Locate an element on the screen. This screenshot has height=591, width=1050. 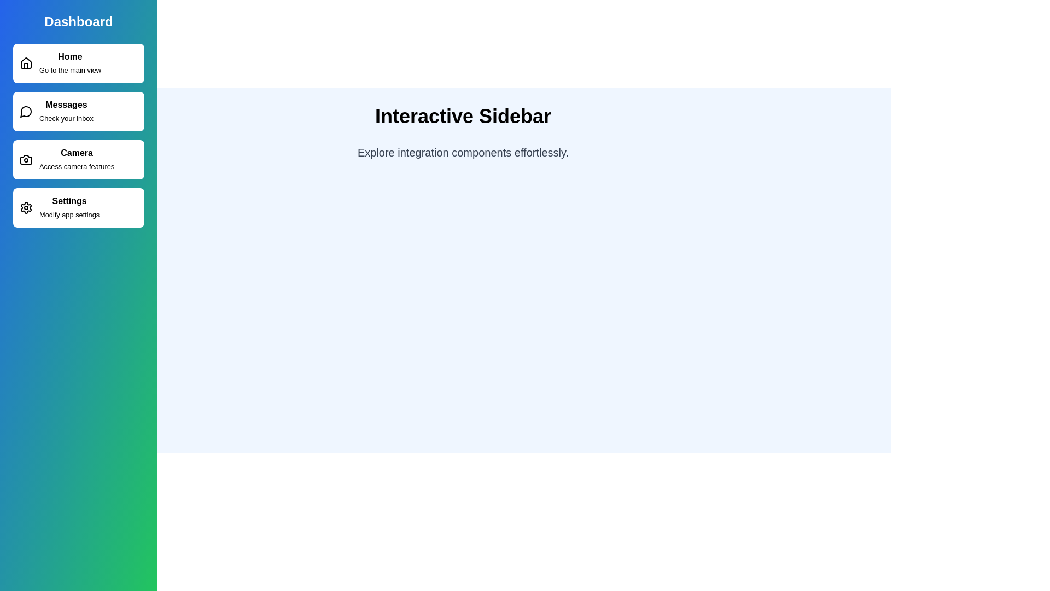
the sidebar item corresponding to Messages is located at coordinates (78, 112).